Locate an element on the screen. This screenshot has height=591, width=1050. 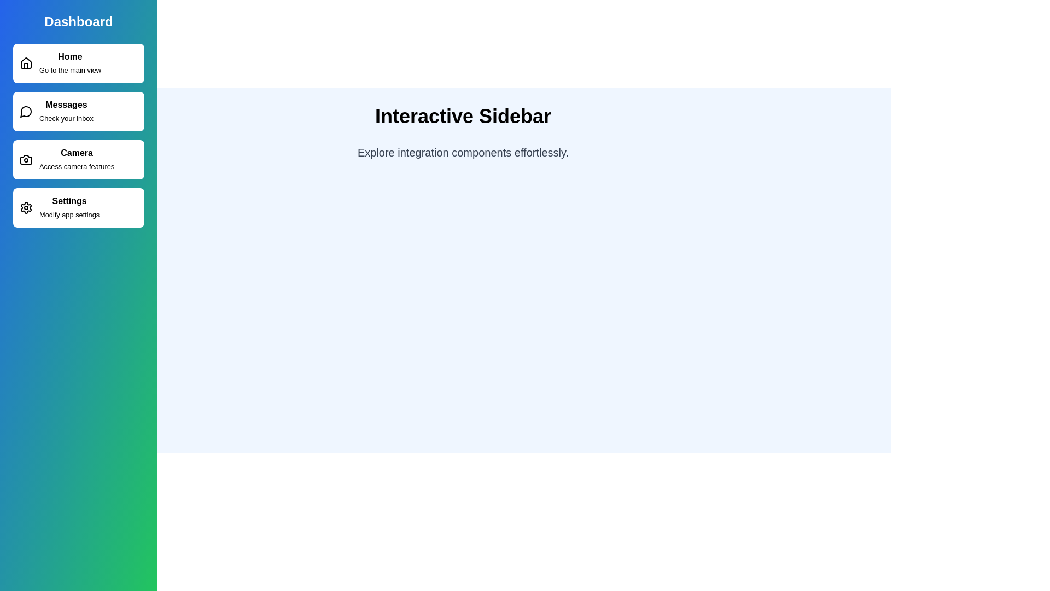
the sidebar item corresponding to Messages is located at coordinates (78, 112).